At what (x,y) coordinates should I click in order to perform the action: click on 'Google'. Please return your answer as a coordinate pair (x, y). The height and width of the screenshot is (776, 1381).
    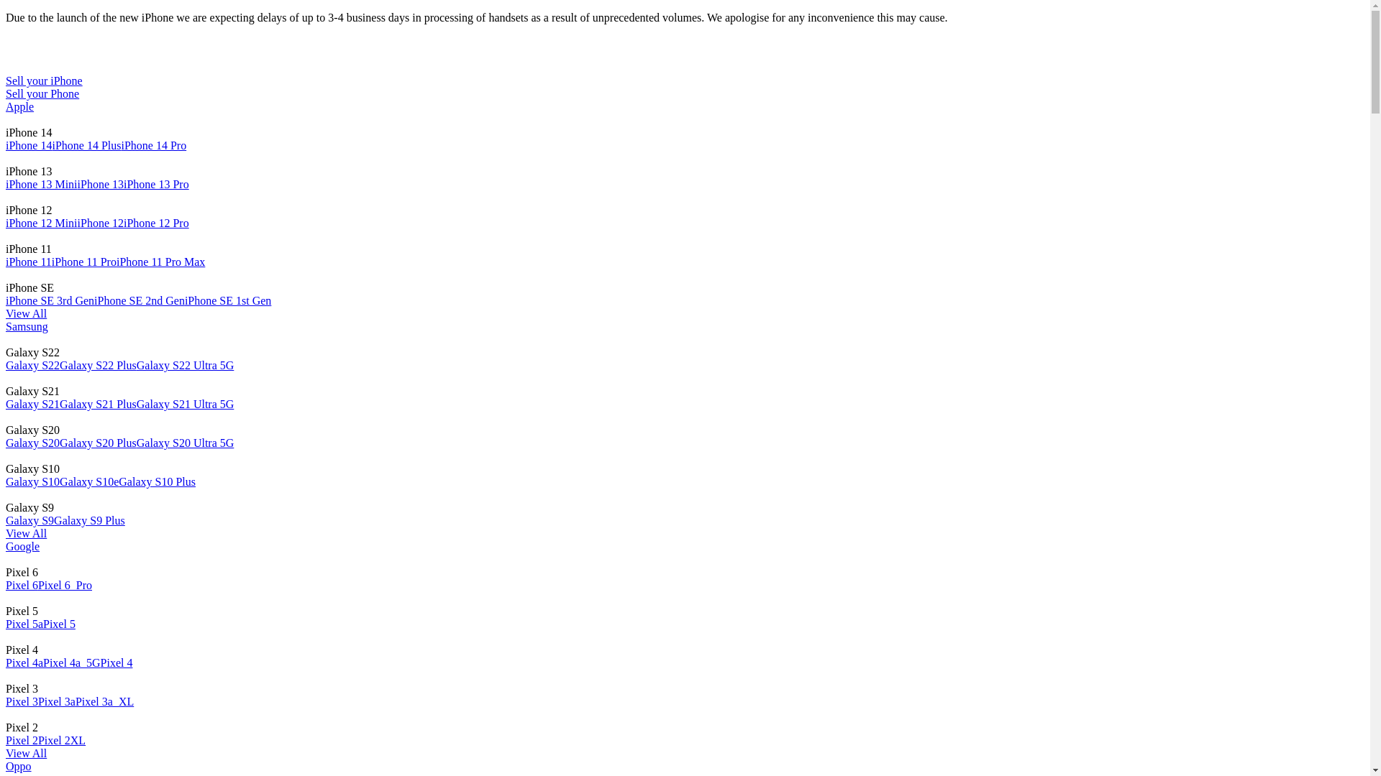
    Looking at the image, I should click on (22, 546).